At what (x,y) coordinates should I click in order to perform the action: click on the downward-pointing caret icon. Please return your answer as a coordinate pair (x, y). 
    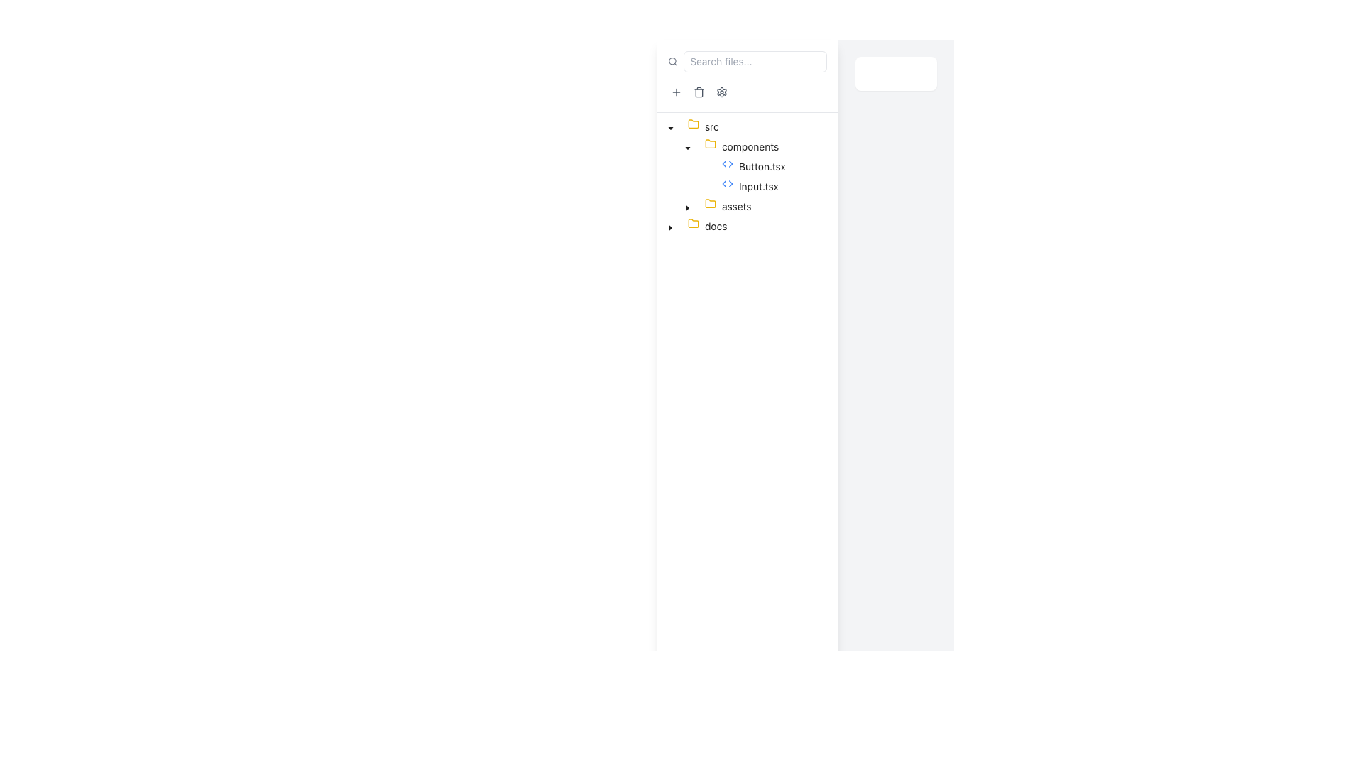
    Looking at the image, I should click on (670, 126).